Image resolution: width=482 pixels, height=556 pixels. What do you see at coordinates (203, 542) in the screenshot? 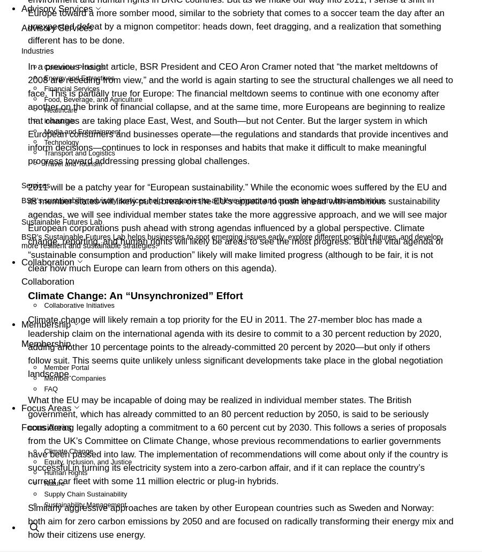
I see `'| Build a More Inclusive Global Supply Chain'` at bounding box center [203, 542].